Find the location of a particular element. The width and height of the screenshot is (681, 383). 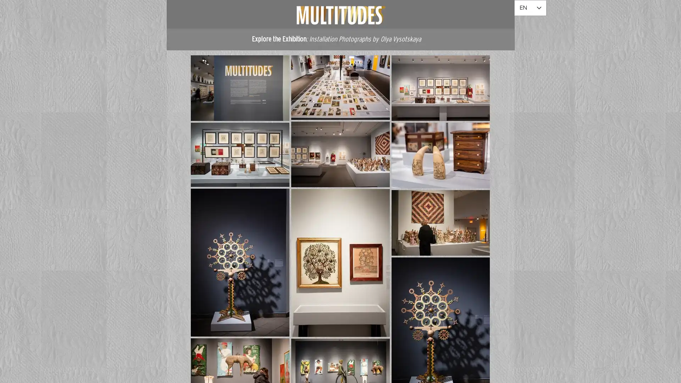

EX - 2022 - Multitudes - AFAM - 130.jpg is located at coordinates (340, 263).